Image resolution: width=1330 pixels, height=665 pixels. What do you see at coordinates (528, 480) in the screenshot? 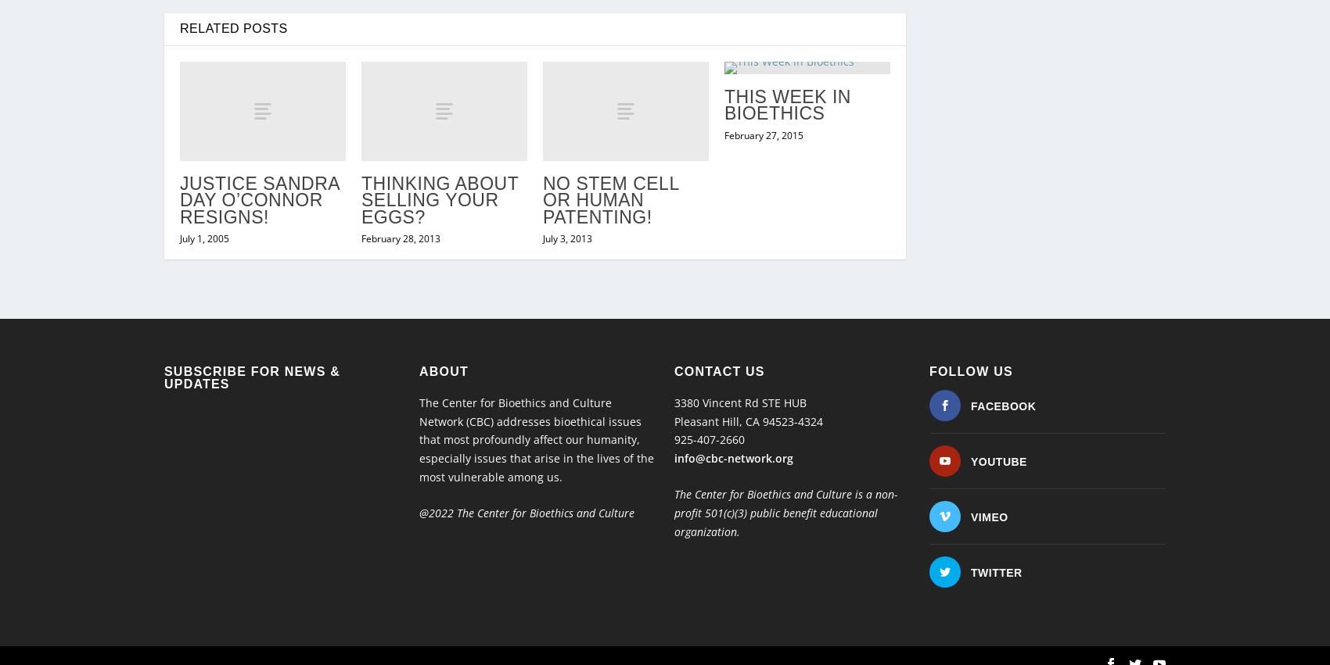
I see `'@2022 The Center for Bioethics and Culture'` at bounding box center [528, 480].